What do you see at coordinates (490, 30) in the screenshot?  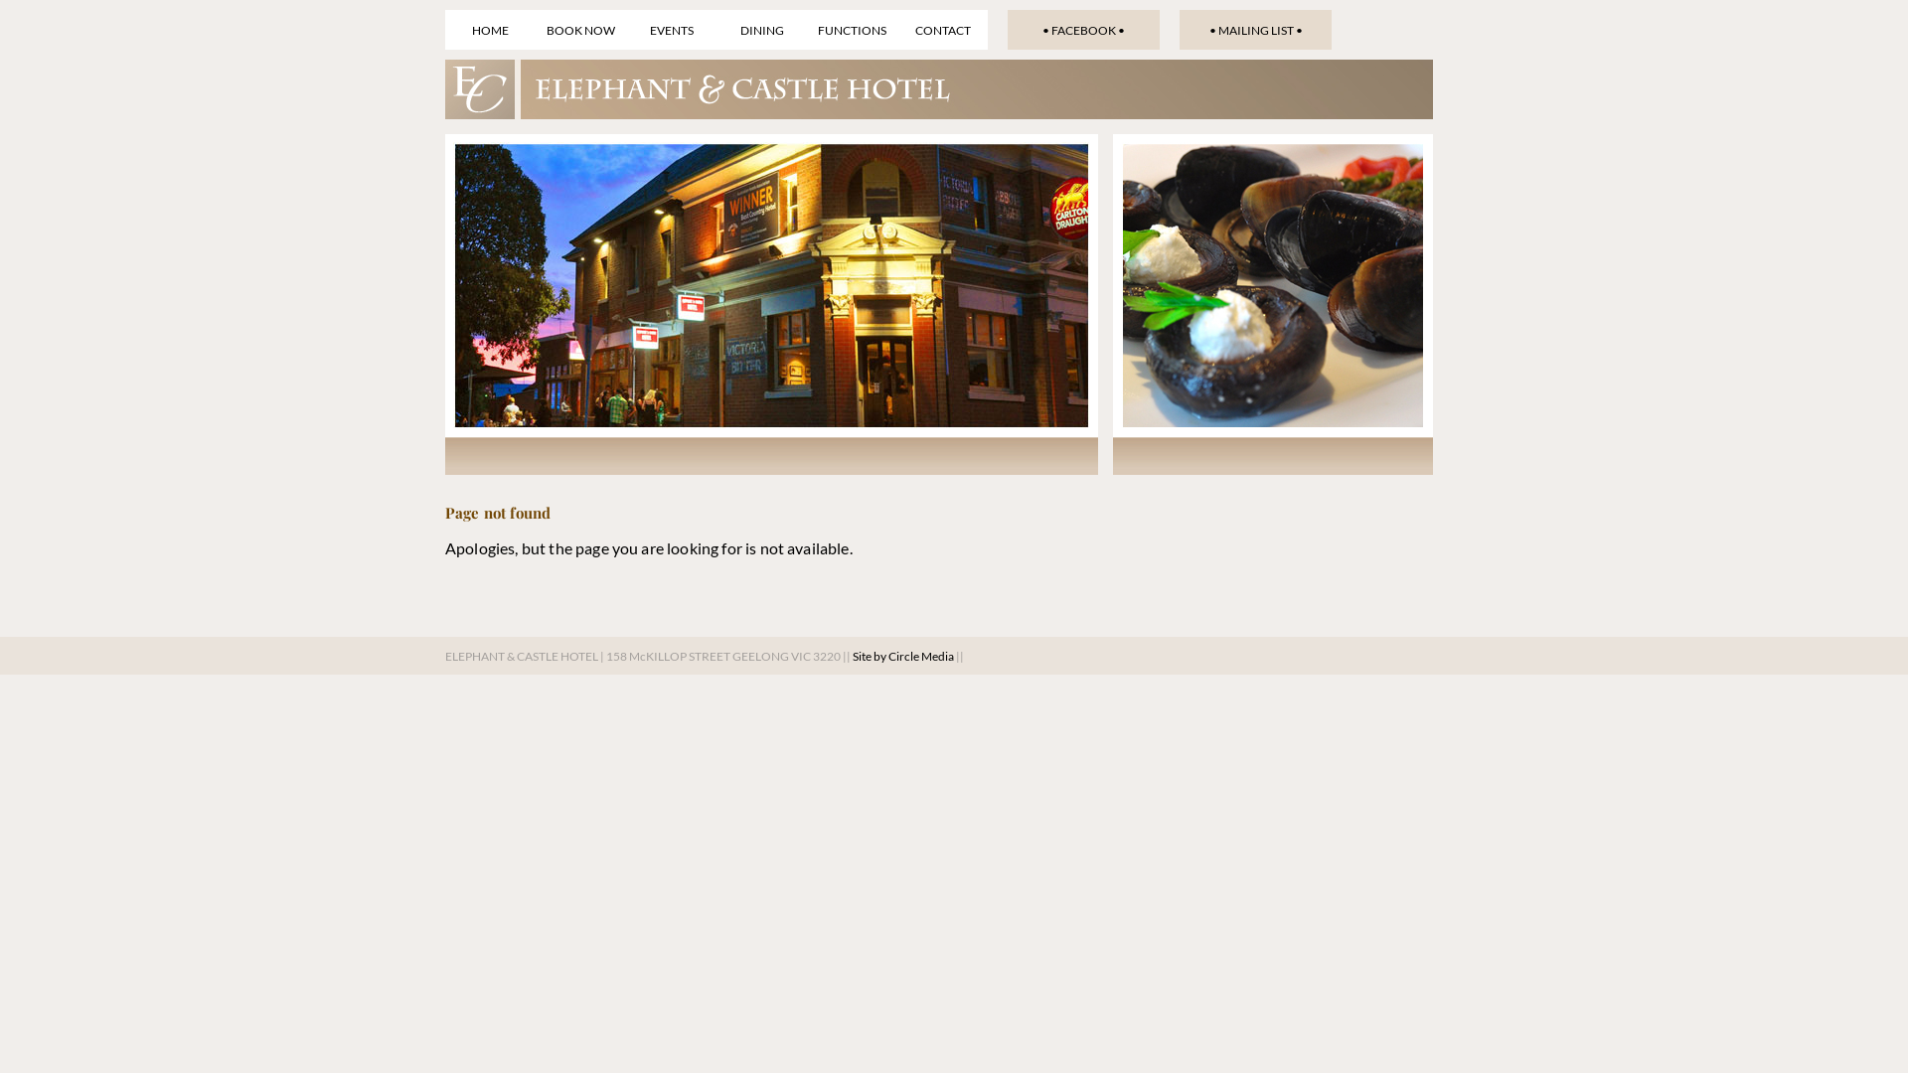 I see `'HOME'` at bounding box center [490, 30].